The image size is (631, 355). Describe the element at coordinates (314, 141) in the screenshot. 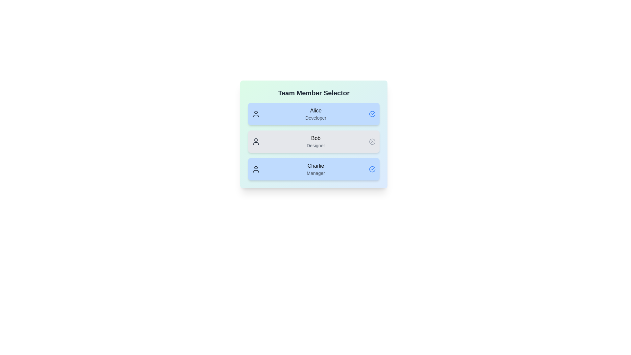

I see `the member card corresponding to Bob` at that location.